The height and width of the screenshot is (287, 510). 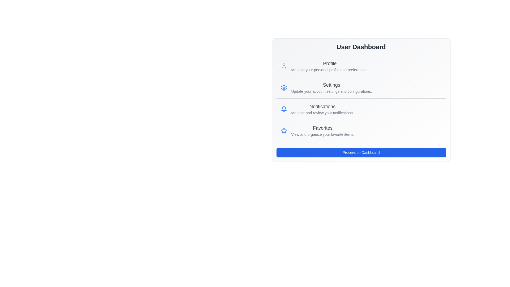 What do you see at coordinates (361, 87) in the screenshot?
I see `the second clickable list item labeled 'Settings' in the User Dashboard` at bounding box center [361, 87].